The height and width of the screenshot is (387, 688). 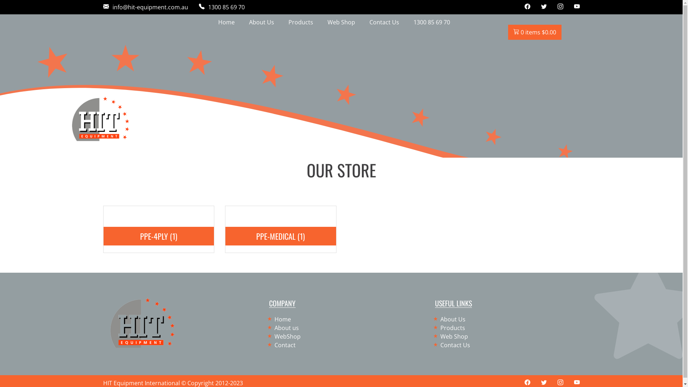 I want to click on '0 items $0.00', so click(x=535, y=32).